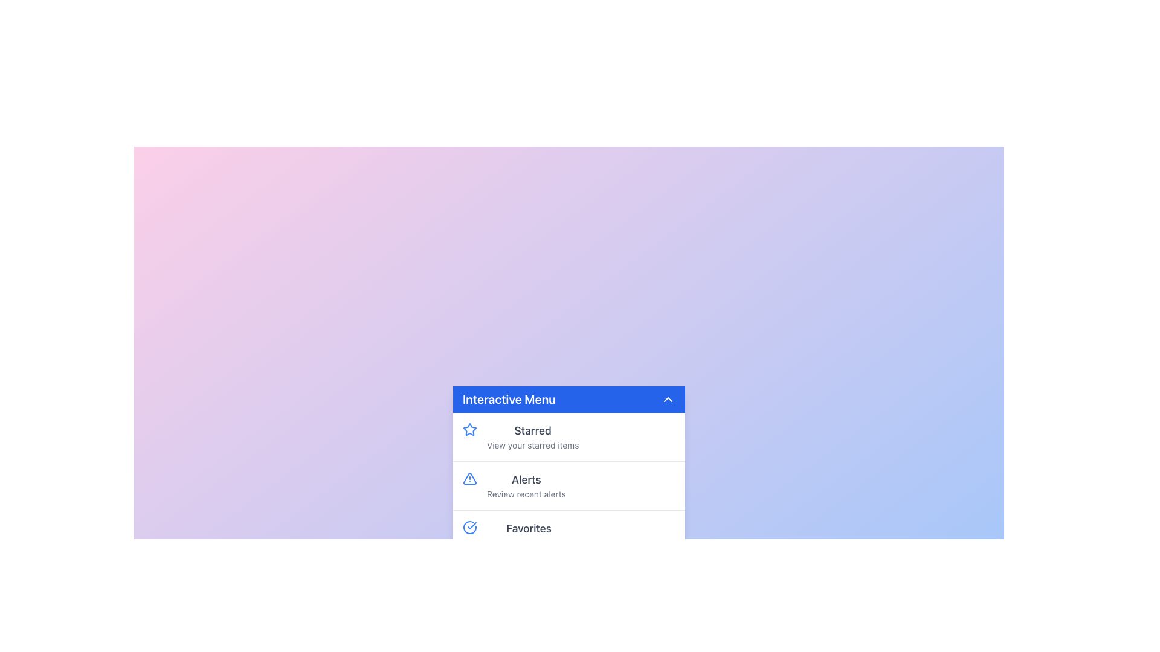 The image size is (1160, 652). I want to click on the first navigational entry in the Interactive Menu, which is a Text block with a title and subtitle, accompanied by a star icon, so click(532, 437).